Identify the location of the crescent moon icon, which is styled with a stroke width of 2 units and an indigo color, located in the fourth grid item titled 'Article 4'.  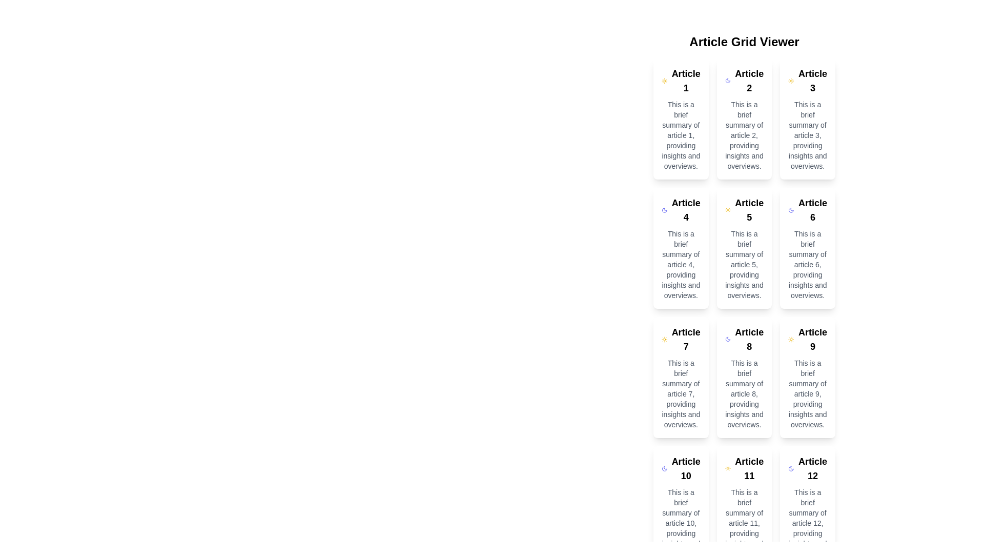
(664, 209).